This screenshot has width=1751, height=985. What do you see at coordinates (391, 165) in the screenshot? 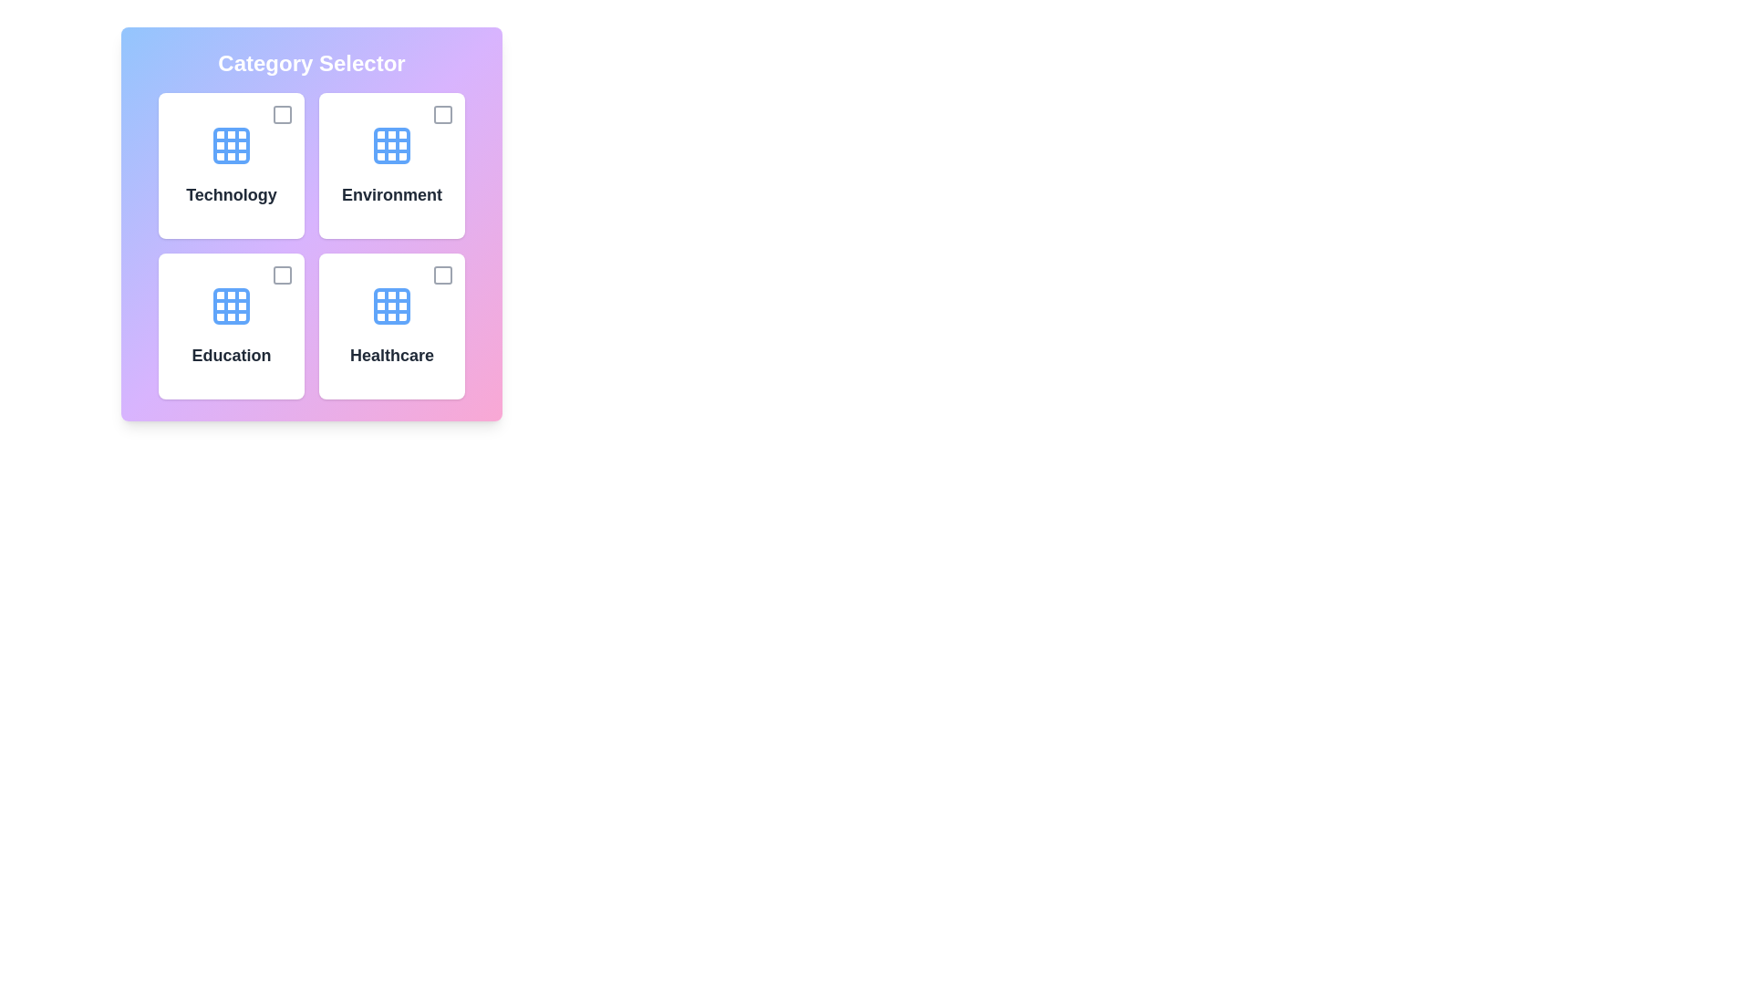
I see `the category card labeled 'Environment' to observe the hover animation effect` at bounding box center [391, 165].